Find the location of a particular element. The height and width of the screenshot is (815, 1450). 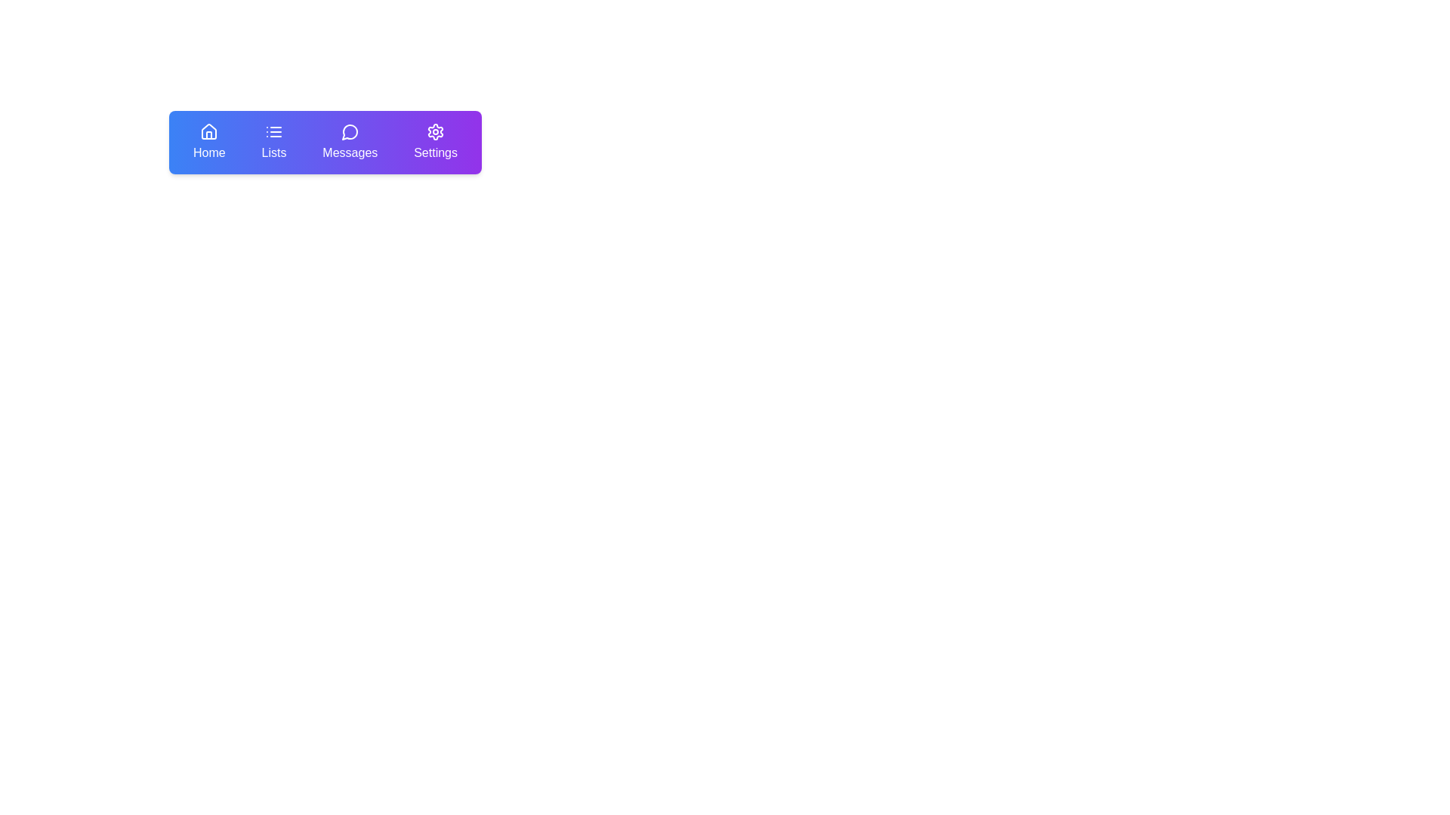

the 'Settings' text label located at the far-right of the navigation bar, which identifies the 'Settings' section is located at coordinates (435, 153).